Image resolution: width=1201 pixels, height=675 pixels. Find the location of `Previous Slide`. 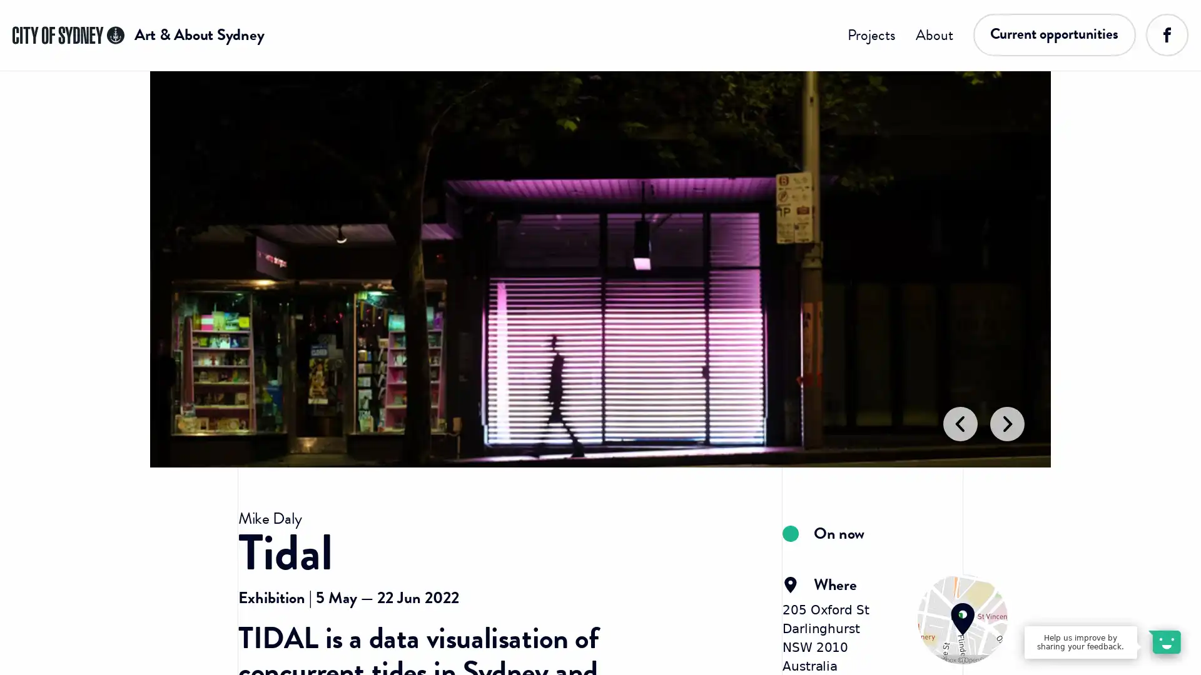

Previous Slide is located at coordinates (958, 469).